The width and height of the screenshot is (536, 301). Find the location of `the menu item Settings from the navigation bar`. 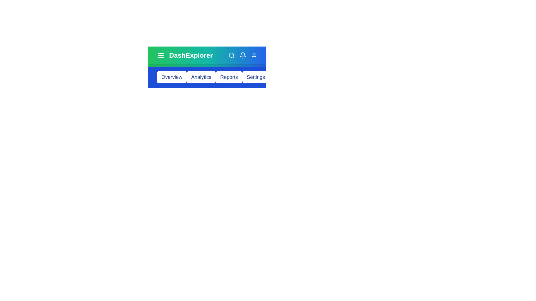

the menu item Settings from the navigation bar is located at coordinates (255, 77).